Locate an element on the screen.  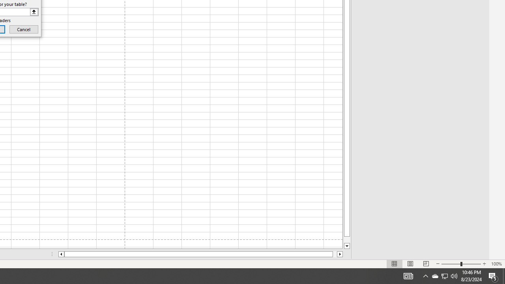
'Normal' is located at coordinates (395, 264).